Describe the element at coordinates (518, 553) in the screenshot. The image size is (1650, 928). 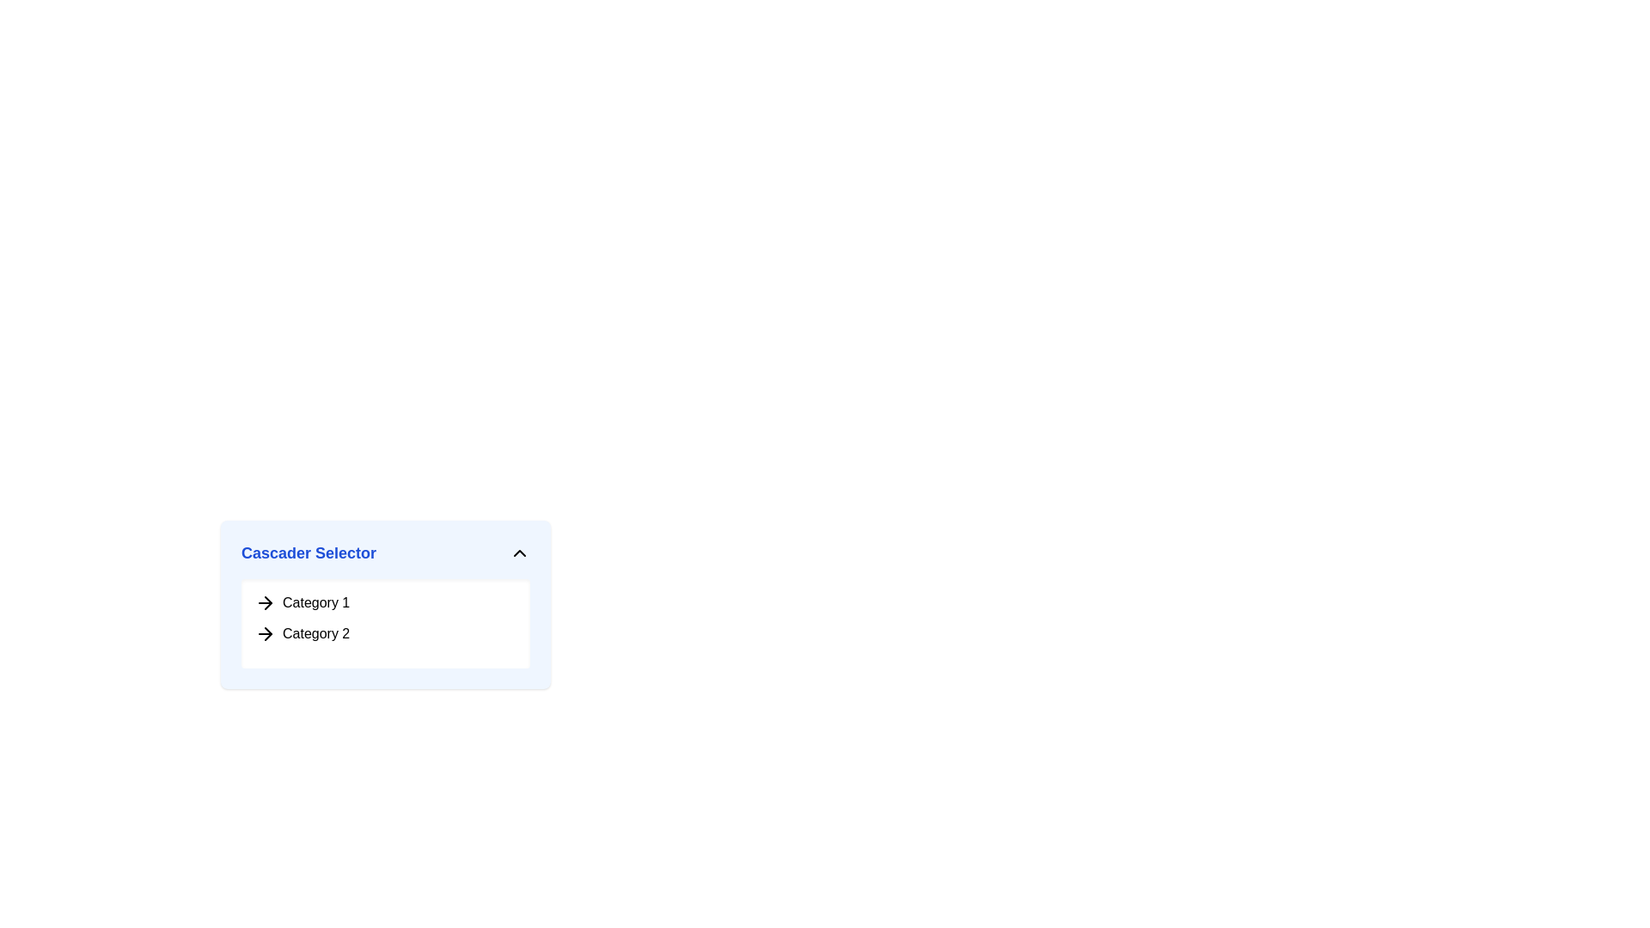
I see `the upward-pointing chevron icon on the right side of the 'Cascader Selector' header` at that location.